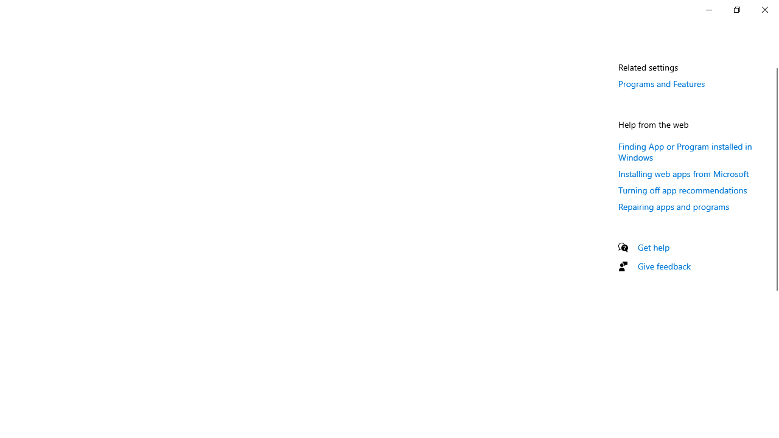 The image size is (779, 438). I want to click on 'Finding App or Program installed in Windows', so click(685, 150).